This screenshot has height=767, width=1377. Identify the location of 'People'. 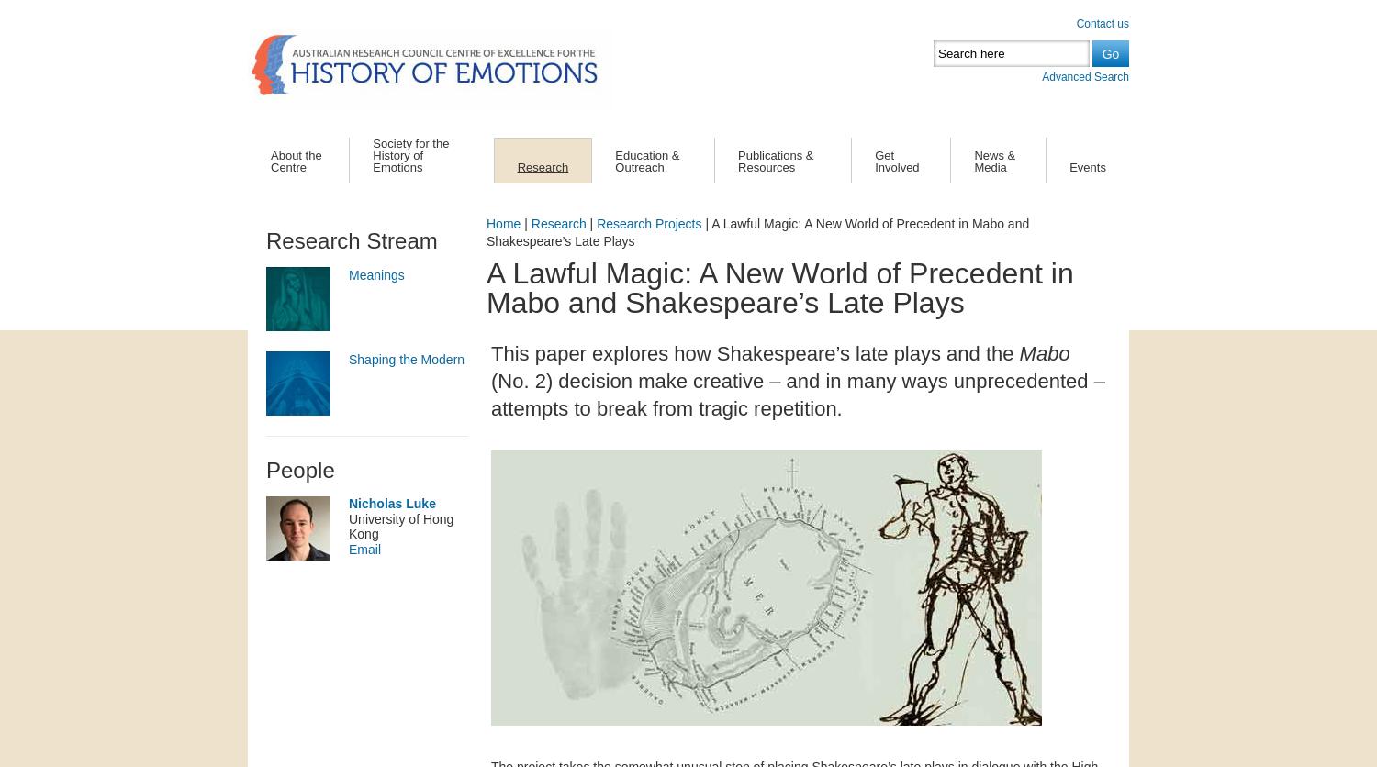
(299, 469).